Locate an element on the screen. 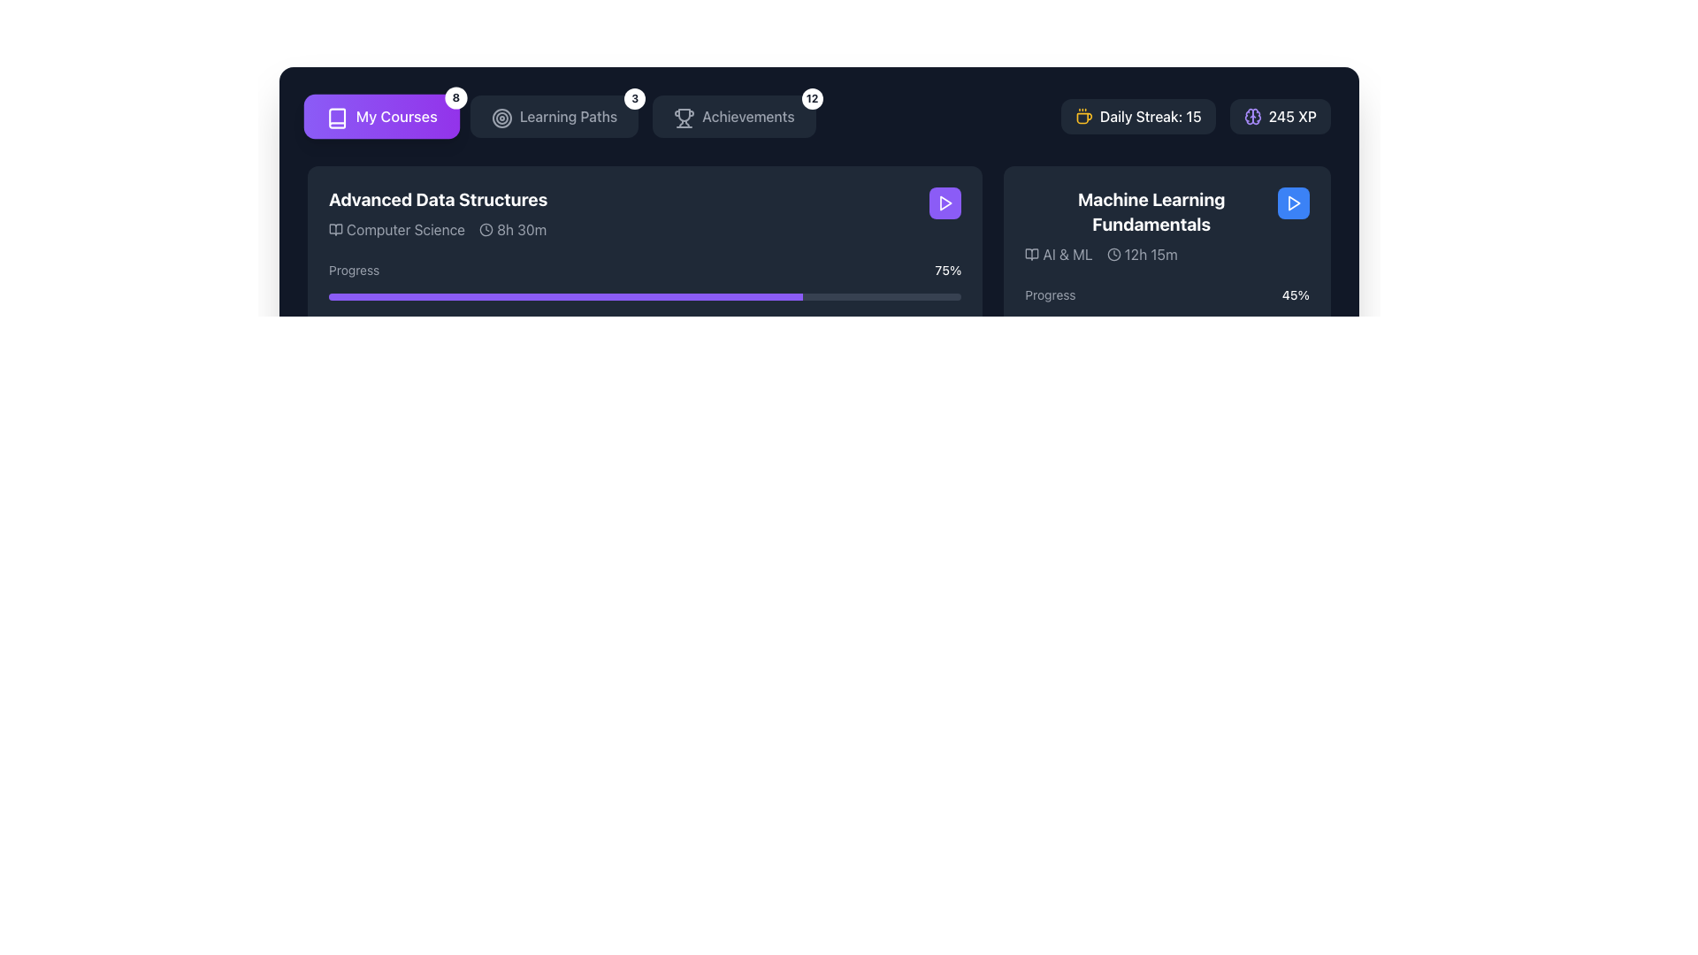 Image resolution: width=1698 pixels, height=955 pixels. the Counter badge located at the top-right corner of the 'Achievements' option in the navigation bar to associate the count with the 'Achievements' section is located at coordinates (811, 98).